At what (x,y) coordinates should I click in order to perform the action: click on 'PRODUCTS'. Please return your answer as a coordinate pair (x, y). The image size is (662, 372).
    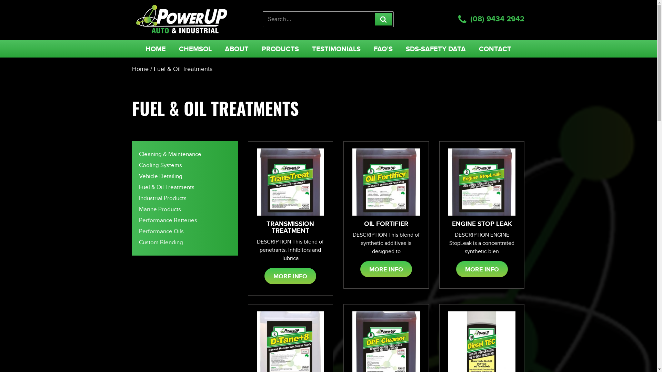
    Looking at the image, I should click on (280, 49).